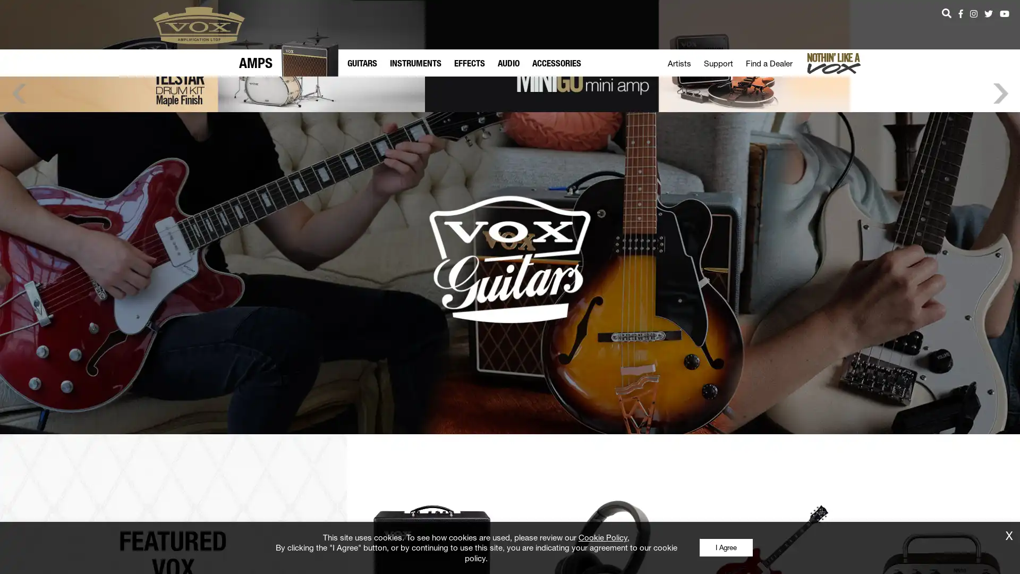 The width and height of the screenshot is (1020, 574). Describe the element at coordinates (1000, 171) in the screenshot. I see `next` at that location.